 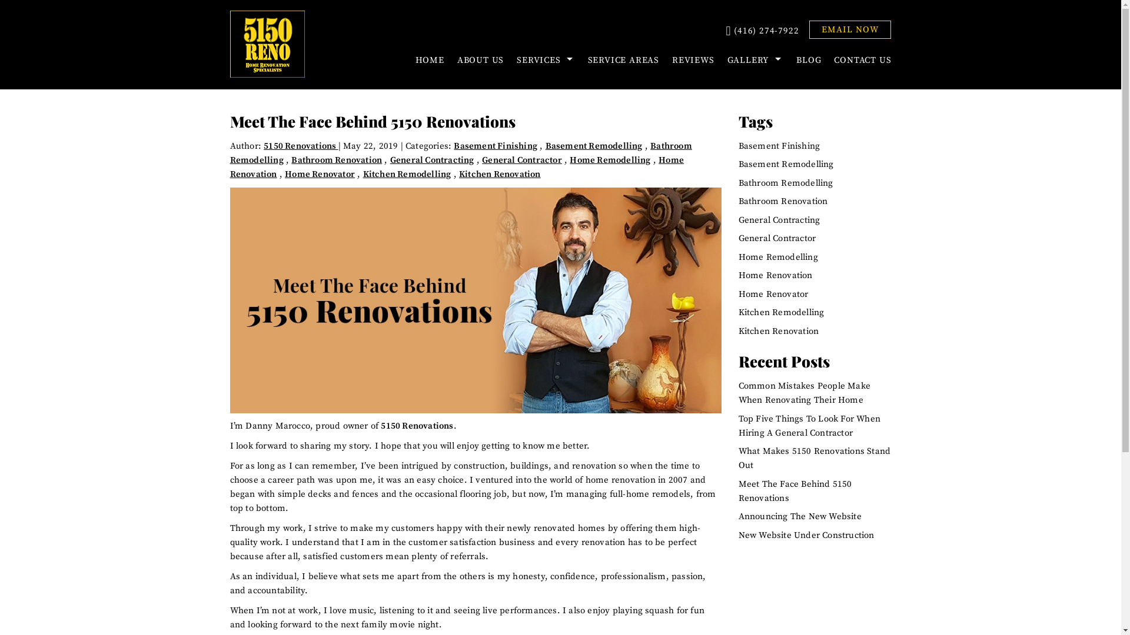 I want to click on 'REVIEWS', so click(x=693, y=60).